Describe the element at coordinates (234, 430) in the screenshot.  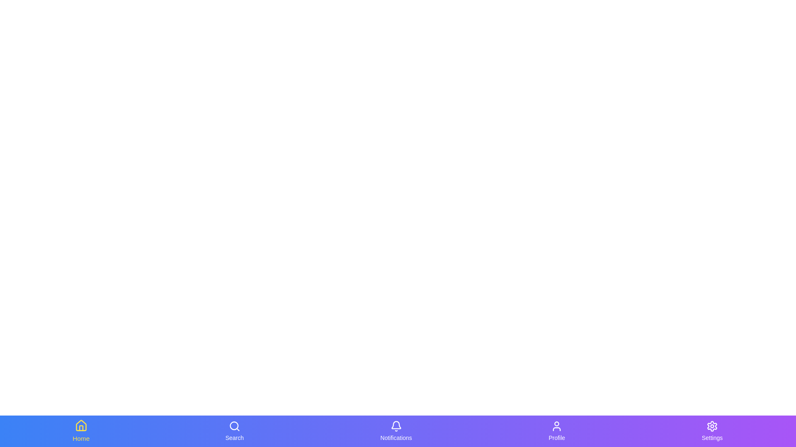
I see `the tab labeled 'Search' to observe its hover effect` at that location.